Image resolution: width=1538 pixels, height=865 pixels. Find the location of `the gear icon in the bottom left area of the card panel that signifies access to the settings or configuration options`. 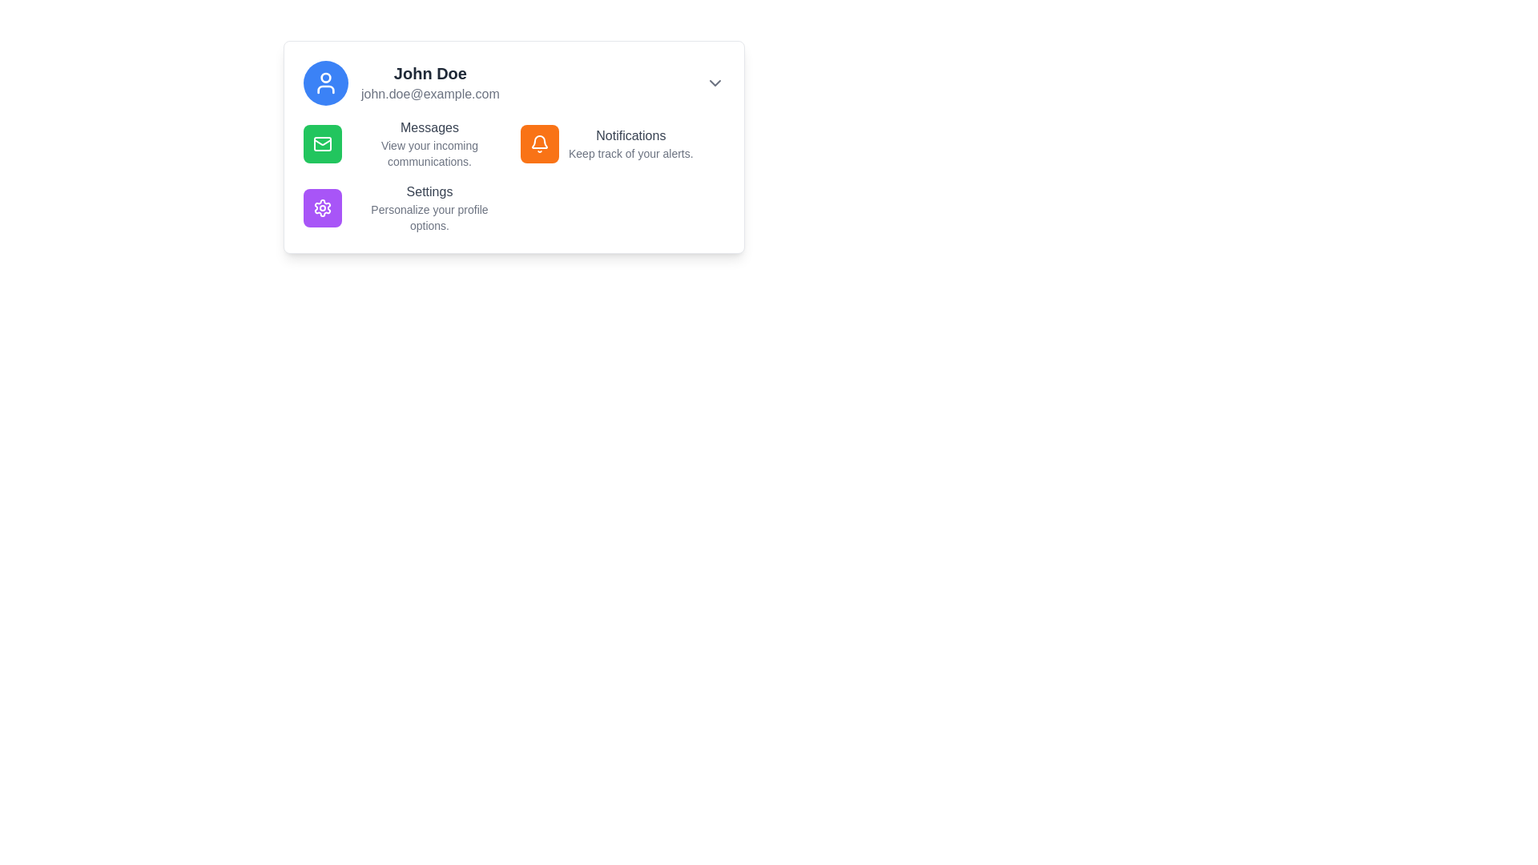

the gear icon in the bottom left area of the card panel that signifies access to the settings or configuration options is located at coordinates (322, 207).